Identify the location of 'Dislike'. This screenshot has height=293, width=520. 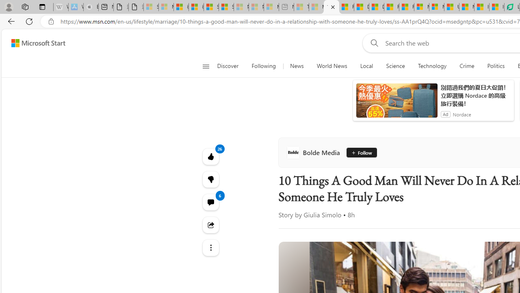
(210, 179).